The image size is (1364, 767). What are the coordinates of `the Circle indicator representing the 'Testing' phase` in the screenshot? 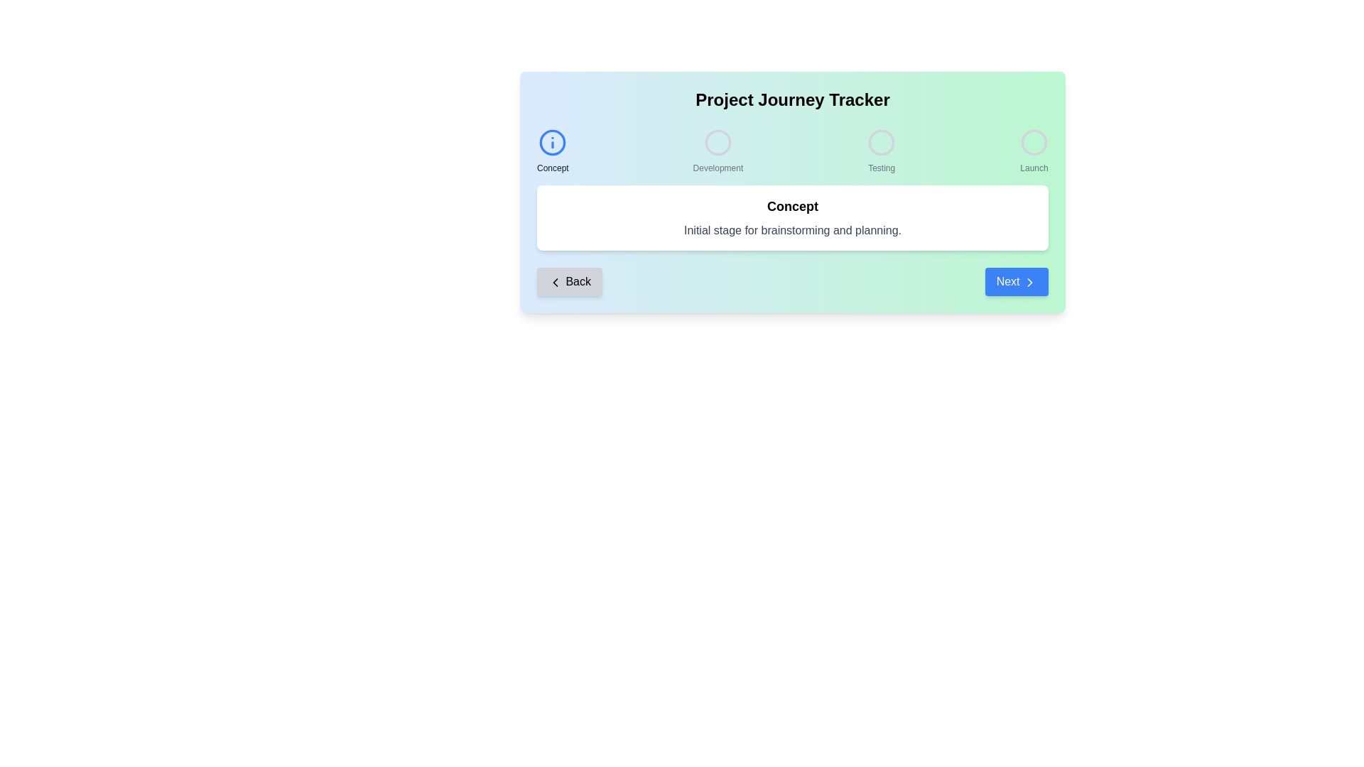 It's located at (881, 142).